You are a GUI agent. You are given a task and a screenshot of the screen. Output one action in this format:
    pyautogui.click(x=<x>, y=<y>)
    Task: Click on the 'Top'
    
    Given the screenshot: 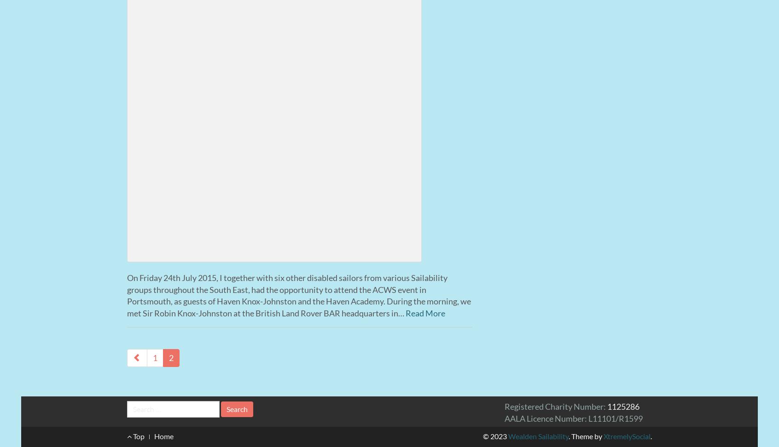 What is the action you would take?
    pyautogui.click(x=137, y=436)
    